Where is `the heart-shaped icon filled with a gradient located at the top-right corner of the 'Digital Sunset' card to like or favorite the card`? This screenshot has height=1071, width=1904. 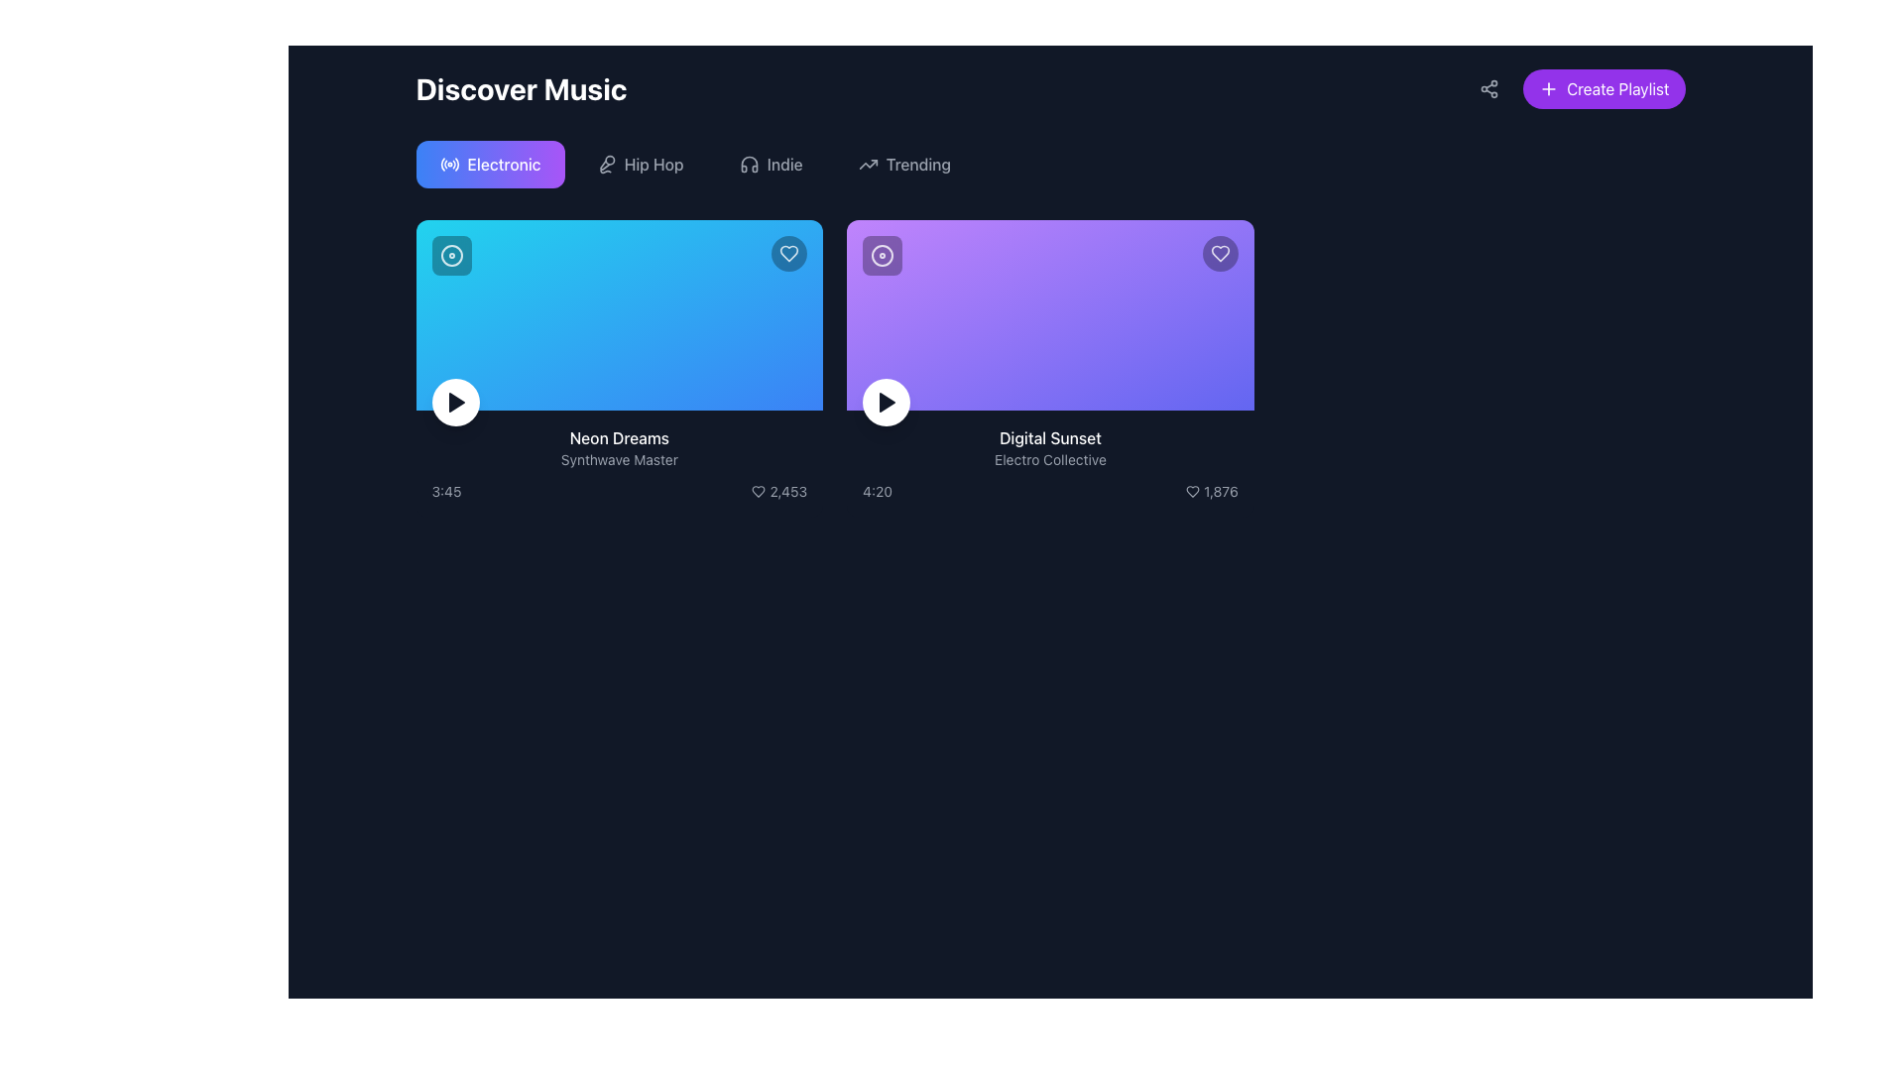
the heart-shaped icon filled with a gradient located at the top-right corner of the 'Digital Sunset' card to like or favorite the card is located at coordinates (1219, 252).